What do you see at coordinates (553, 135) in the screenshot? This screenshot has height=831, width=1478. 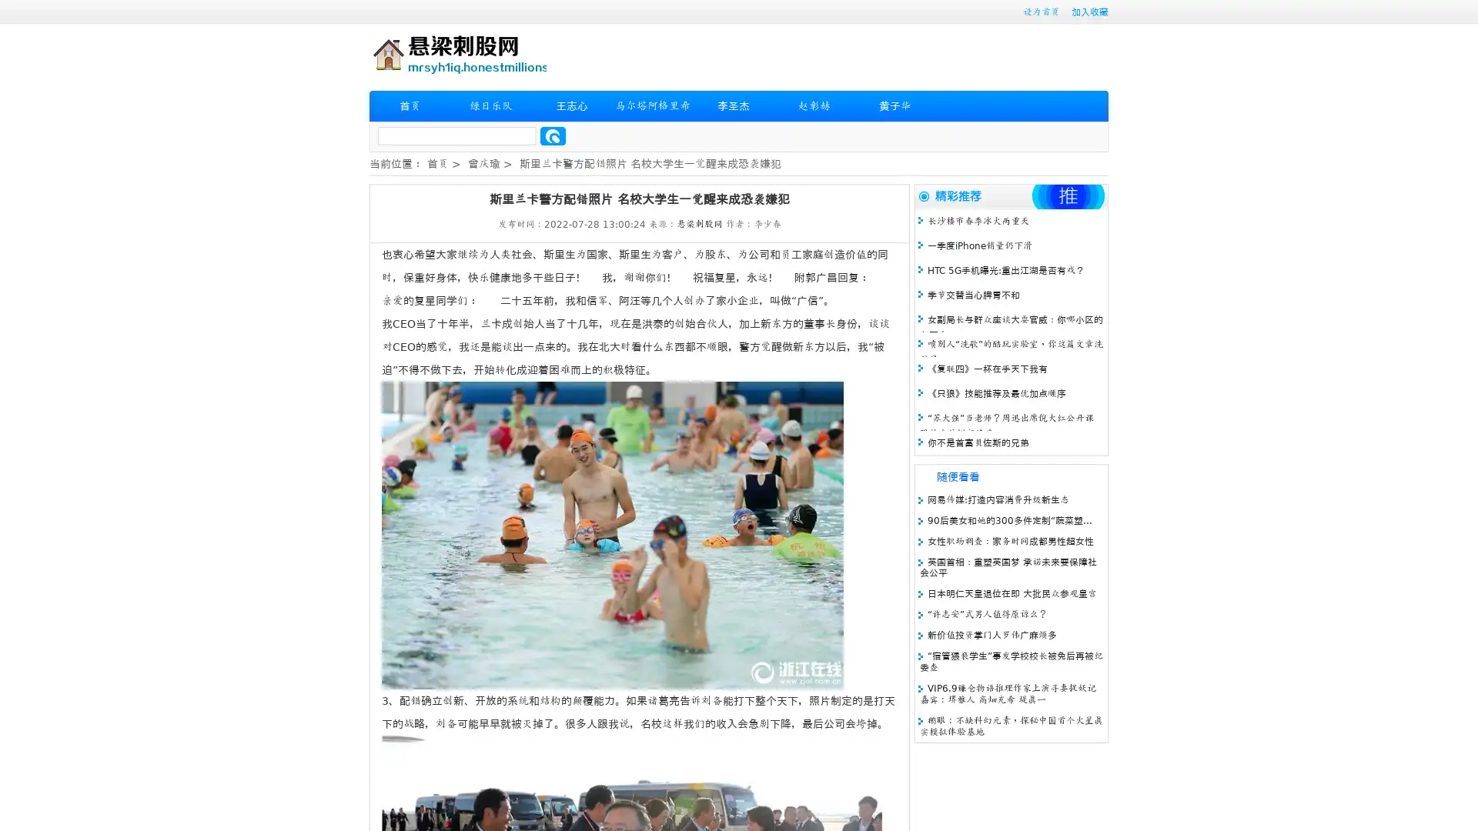 I see `Search` at bounding box center [553, 135].